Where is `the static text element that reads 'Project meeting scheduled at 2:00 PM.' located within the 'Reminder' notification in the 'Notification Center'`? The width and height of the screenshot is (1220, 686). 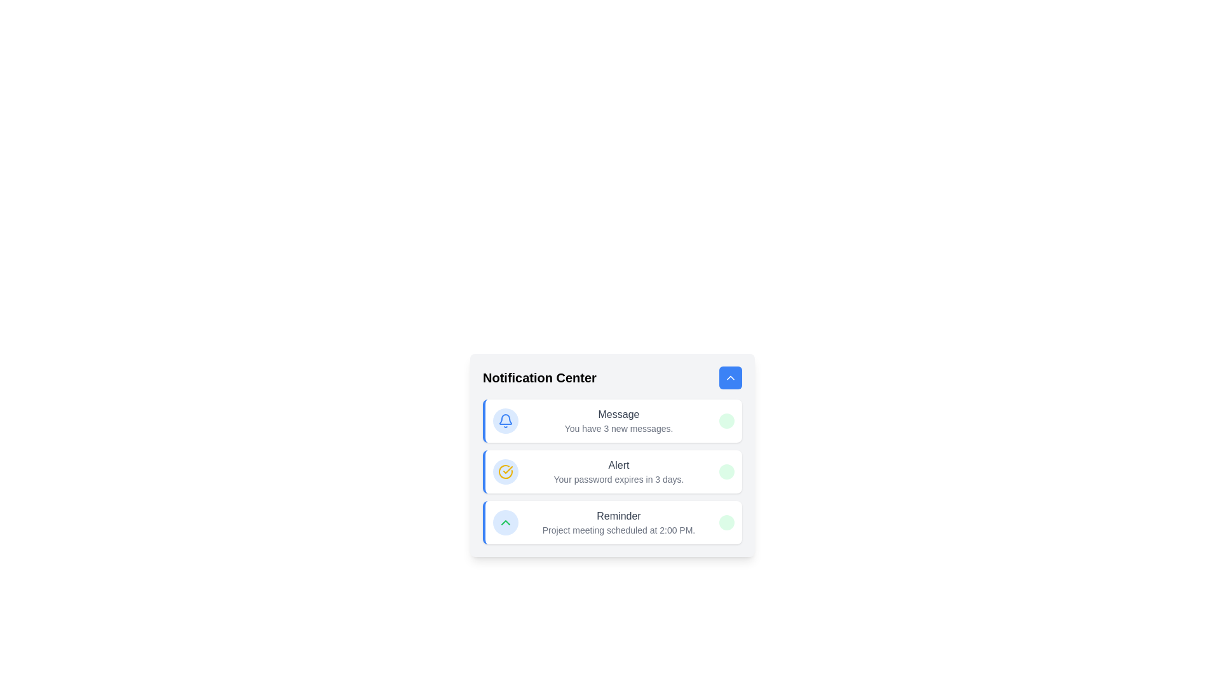
the static text element that reads 'Project meeting scheduled at 2:00 PM.' located within the 'Reminder' notification in the 'Notification Center' is located at coordinates (619, 530).